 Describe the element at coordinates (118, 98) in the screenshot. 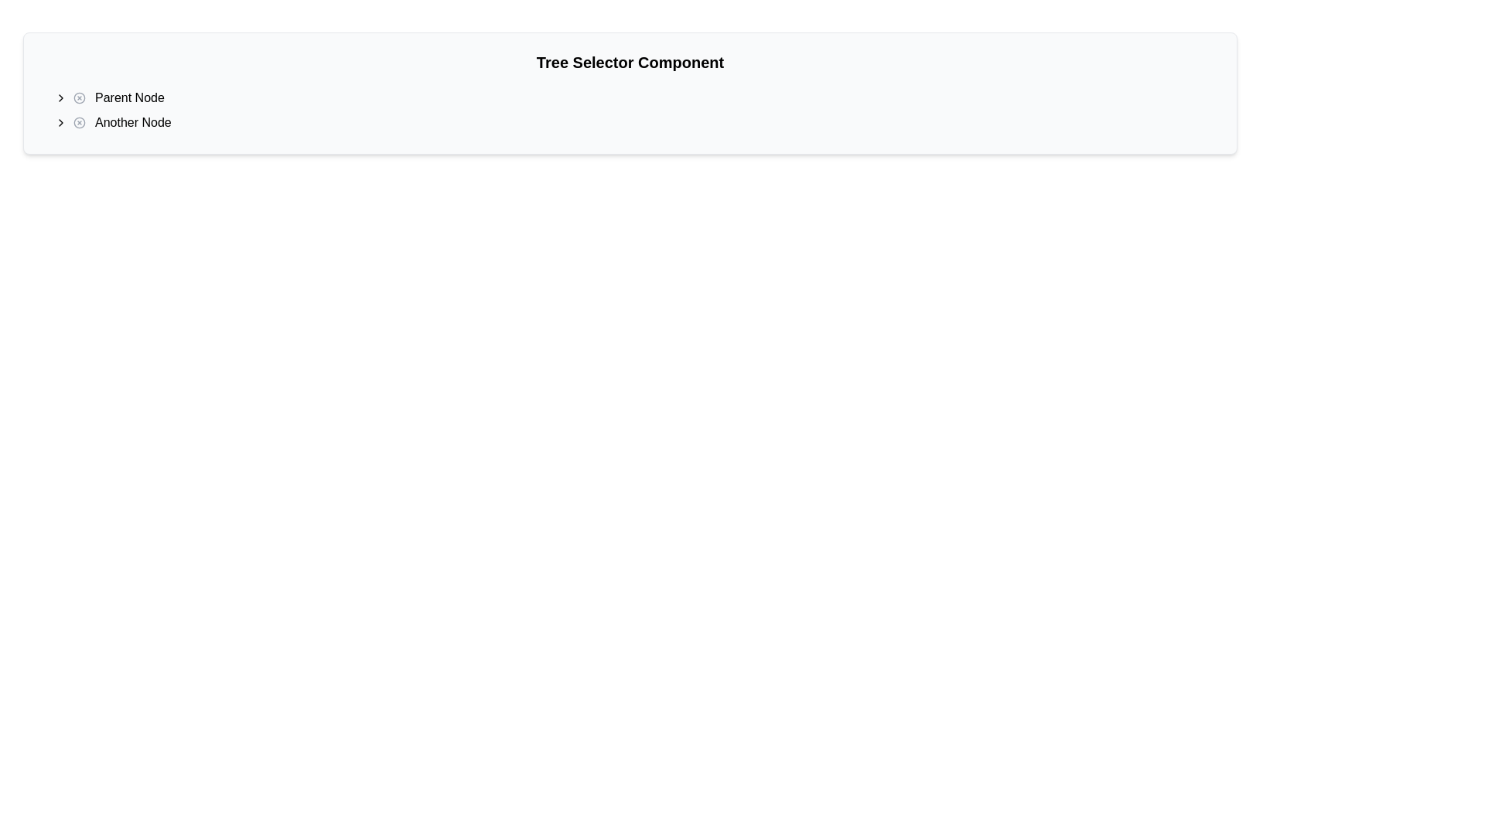

I see `to select the Tree Node Item located vertically below the expand/collapse arrow icon and above the node labeled 'Another Node'` at that location.